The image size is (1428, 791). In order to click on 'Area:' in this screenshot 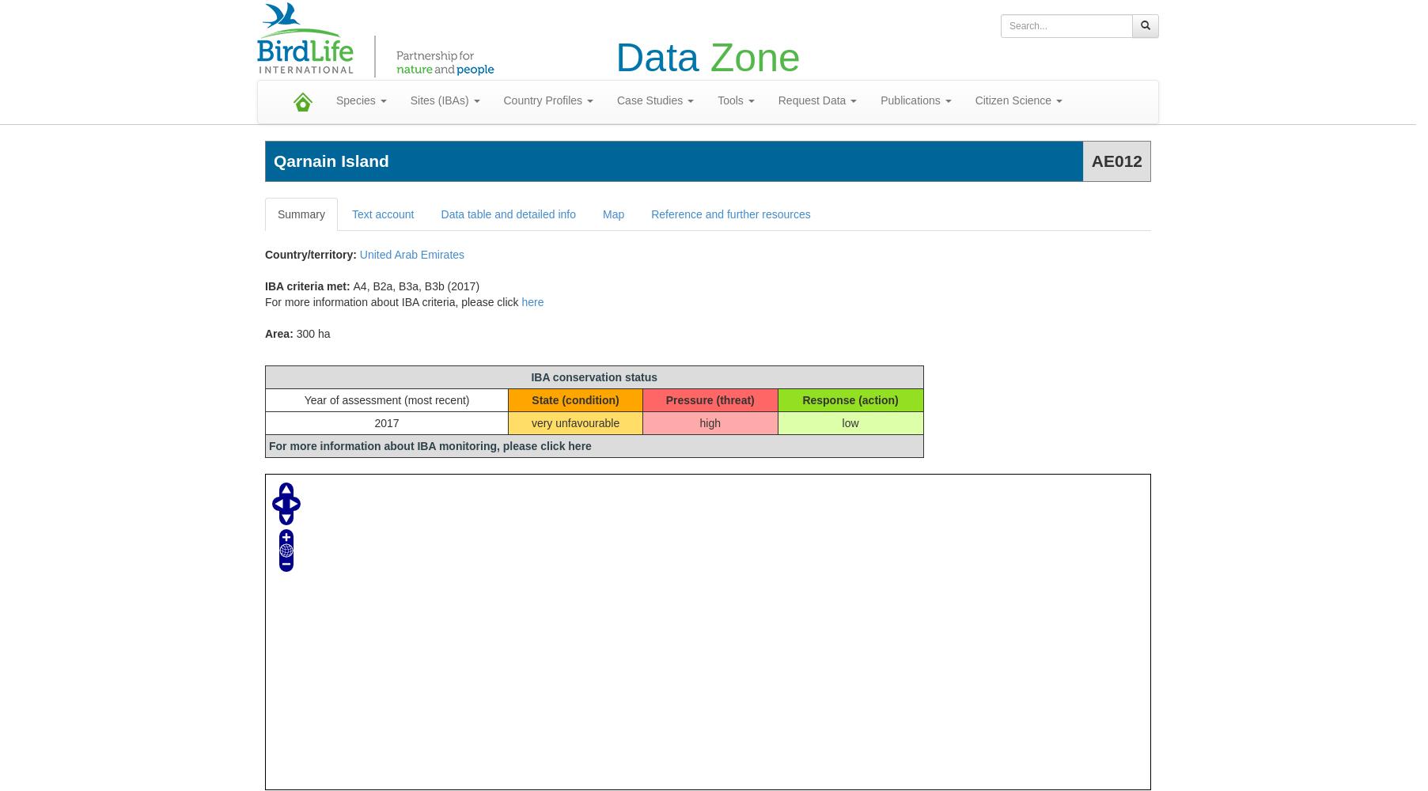, I will do `click(280, 334)`.